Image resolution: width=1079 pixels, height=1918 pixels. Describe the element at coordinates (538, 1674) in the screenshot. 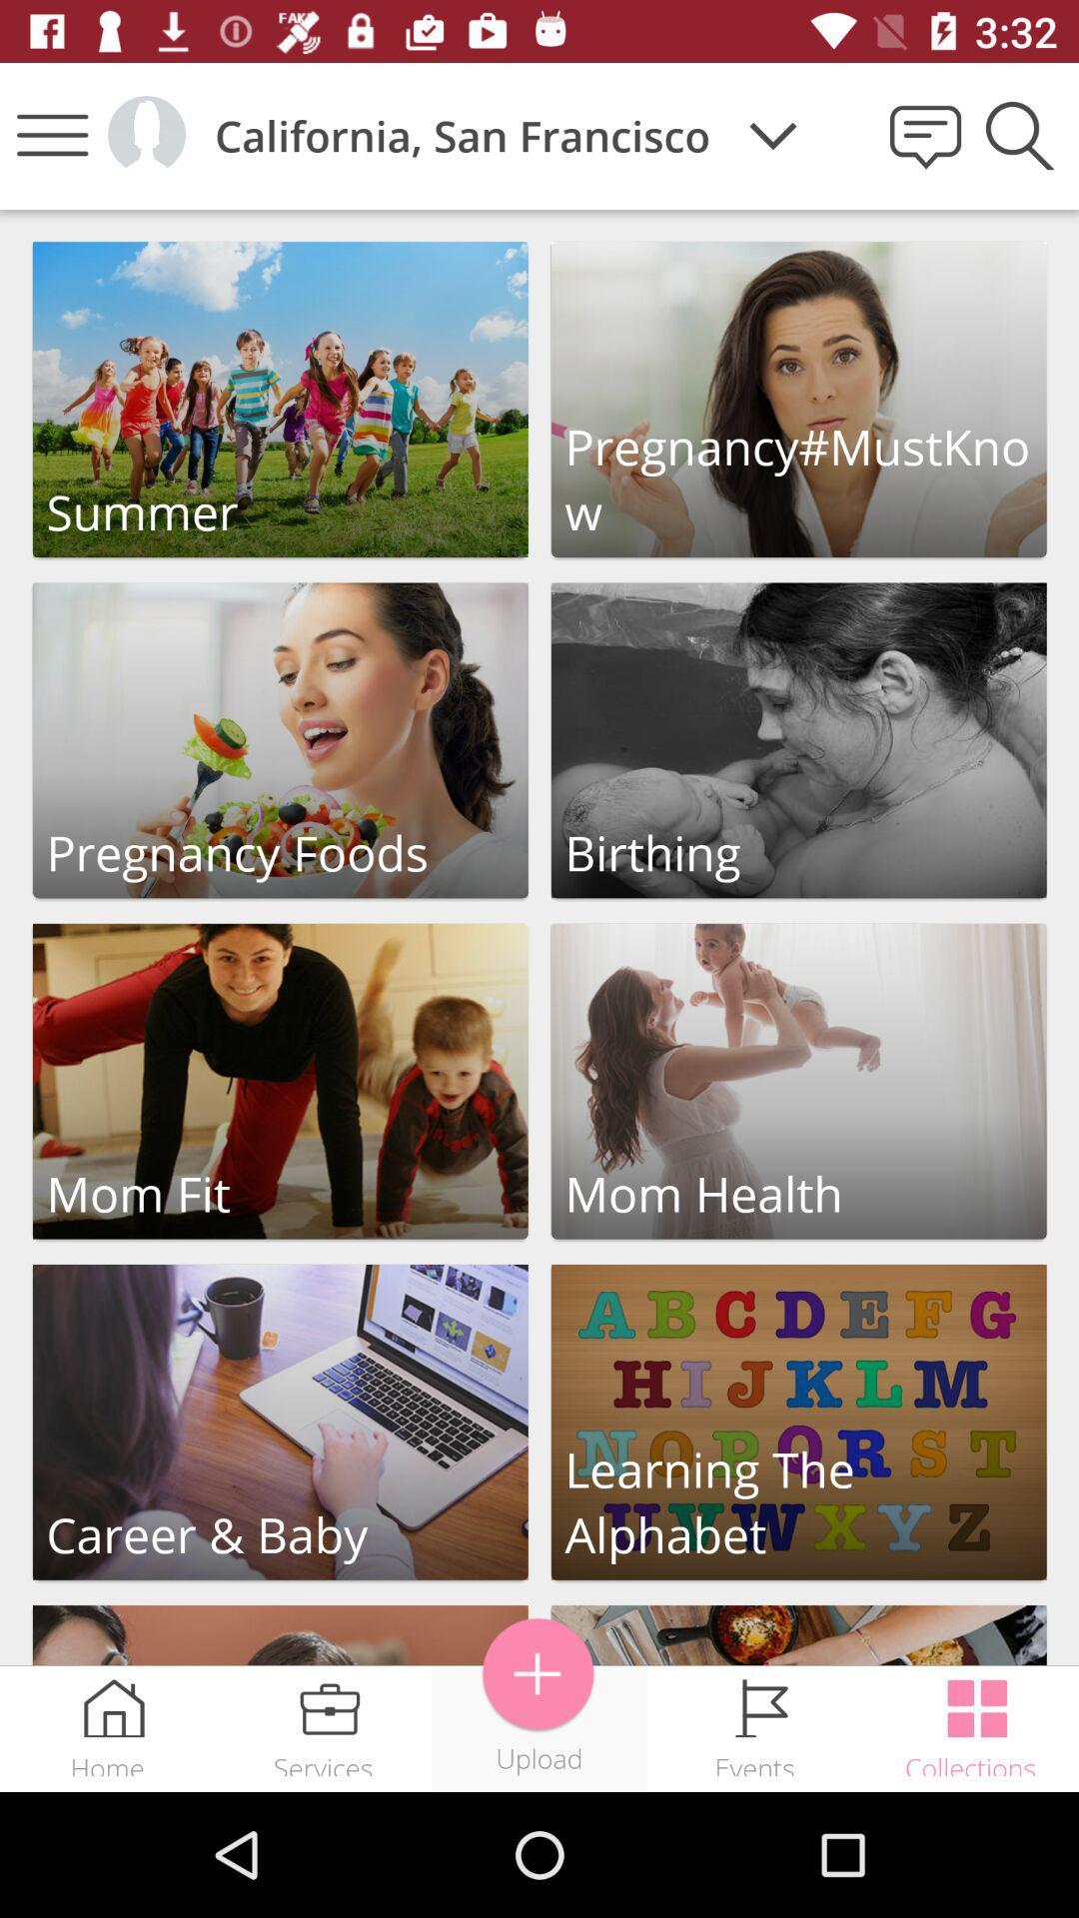

I see `item above upload` at that location.